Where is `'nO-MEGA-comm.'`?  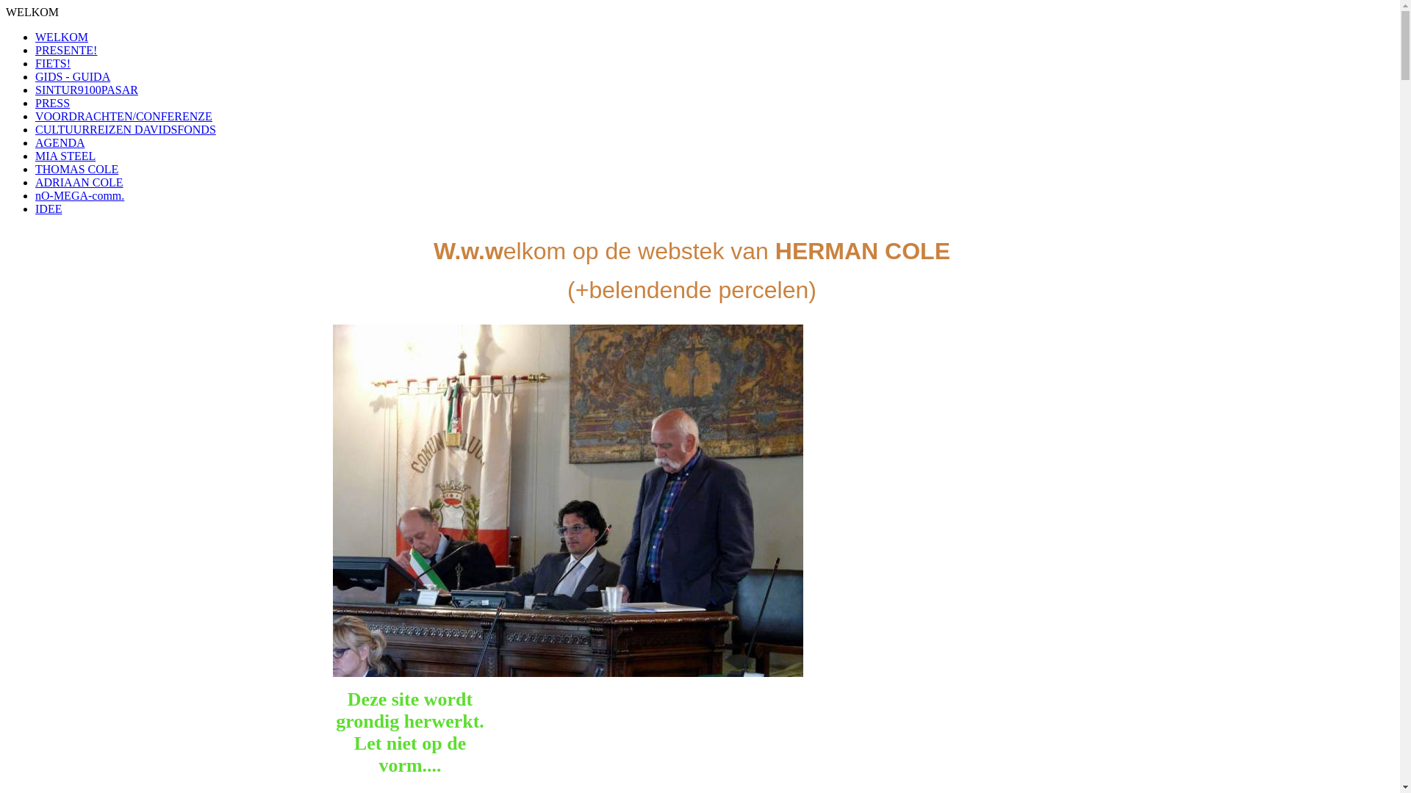
'nO-MEGA-comm.' is located at coordinates (79, 195).